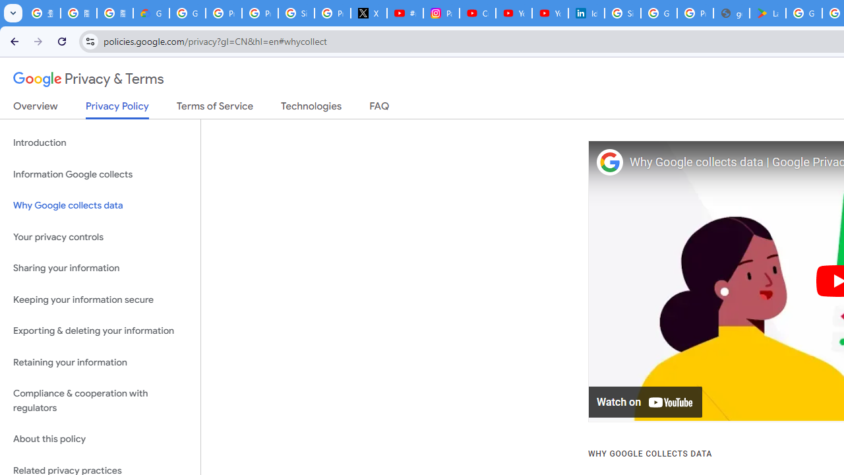 This screenshot has height=475, width=844. What do you see at coordinates (311, 108) in the screenshot?
I see `'Technologies'` at bounding box center [311, 108].